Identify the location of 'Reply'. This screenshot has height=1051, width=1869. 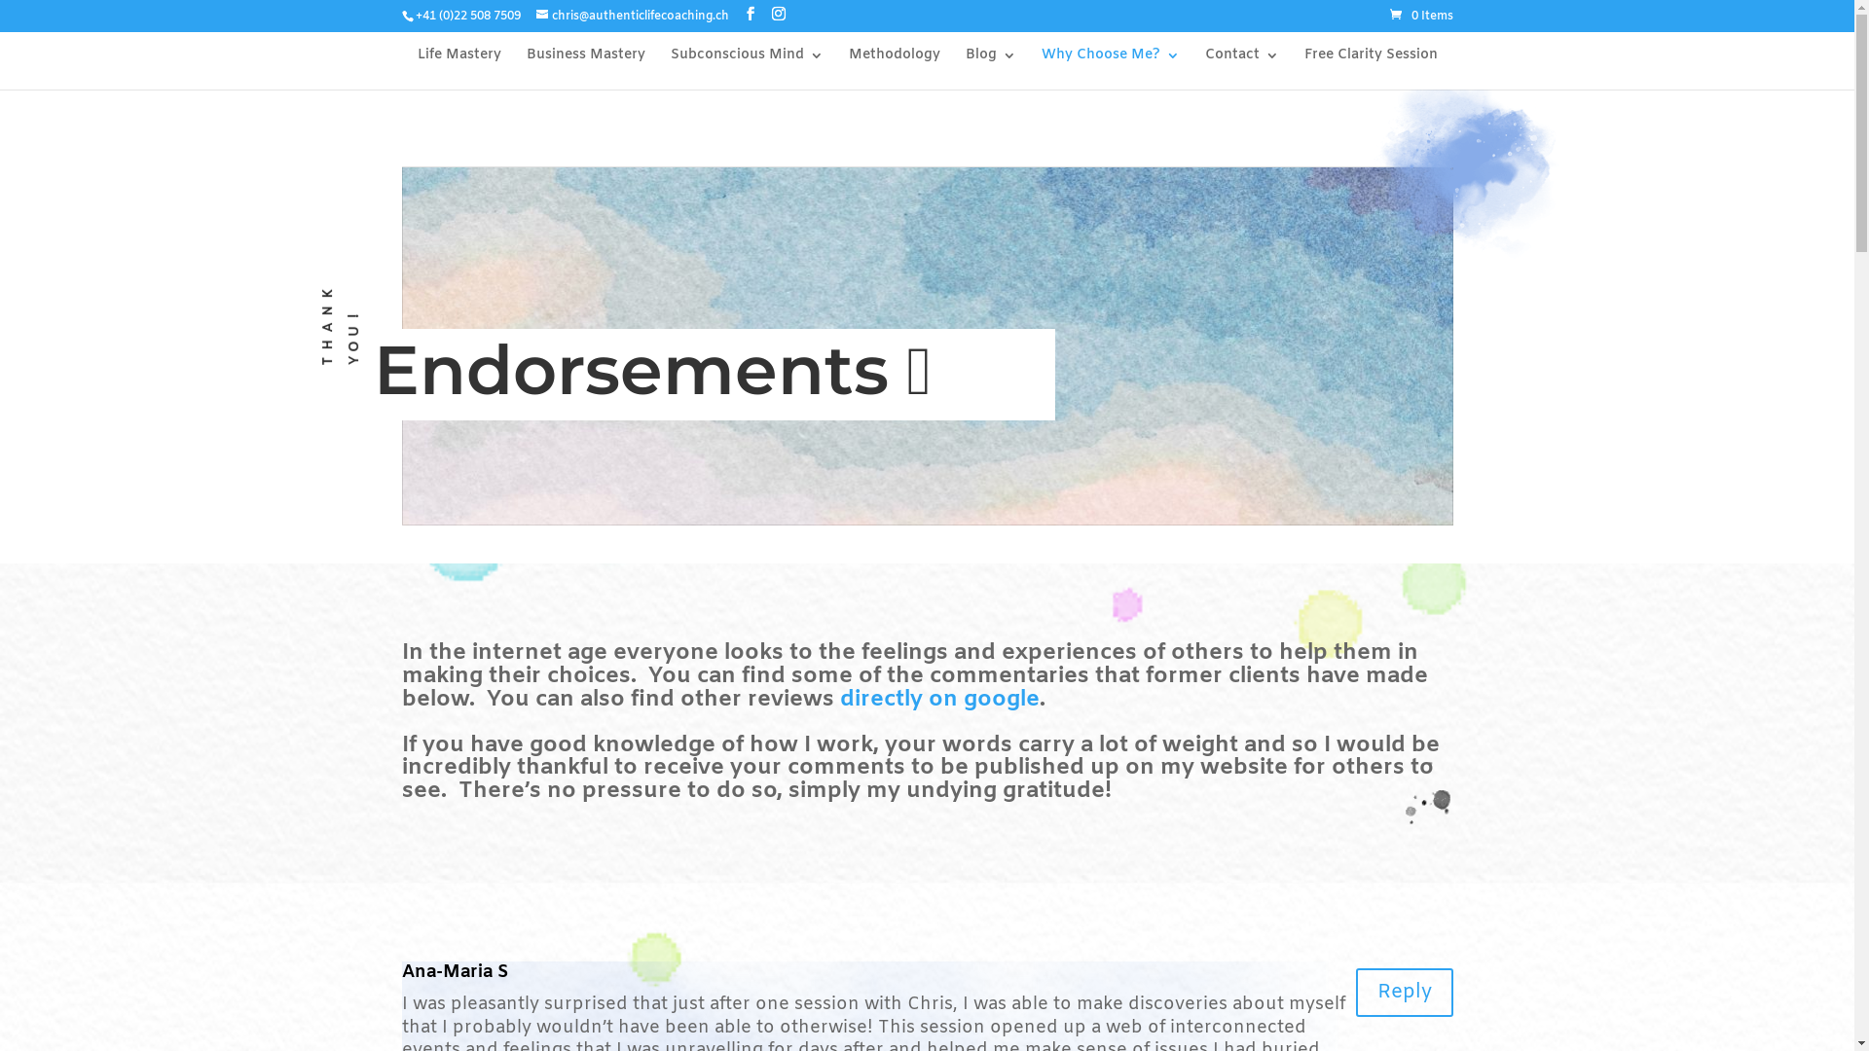
(1403, 992).